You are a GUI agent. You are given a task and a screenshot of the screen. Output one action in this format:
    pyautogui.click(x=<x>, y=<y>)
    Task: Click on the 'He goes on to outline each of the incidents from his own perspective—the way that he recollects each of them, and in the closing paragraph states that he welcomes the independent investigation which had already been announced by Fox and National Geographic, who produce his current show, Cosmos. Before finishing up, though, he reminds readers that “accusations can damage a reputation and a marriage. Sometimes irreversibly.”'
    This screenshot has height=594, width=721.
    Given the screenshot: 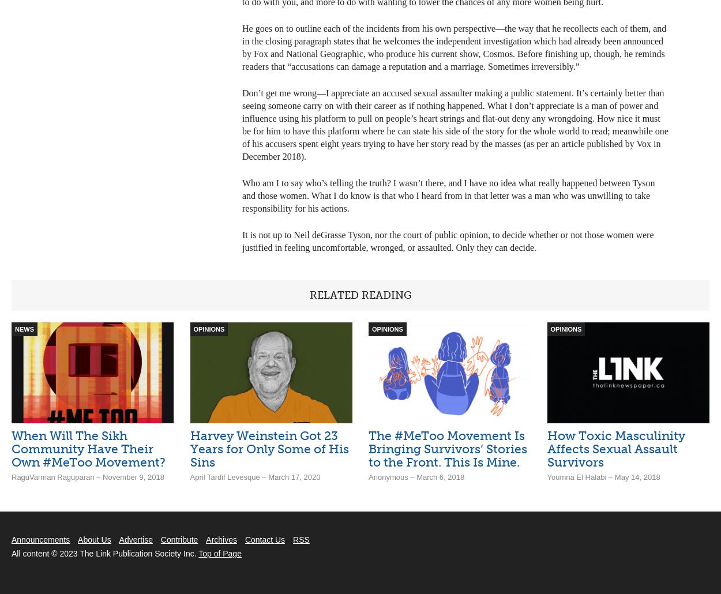 What is the action you would take?
    pyautogui.click(x=454, y=47)
    